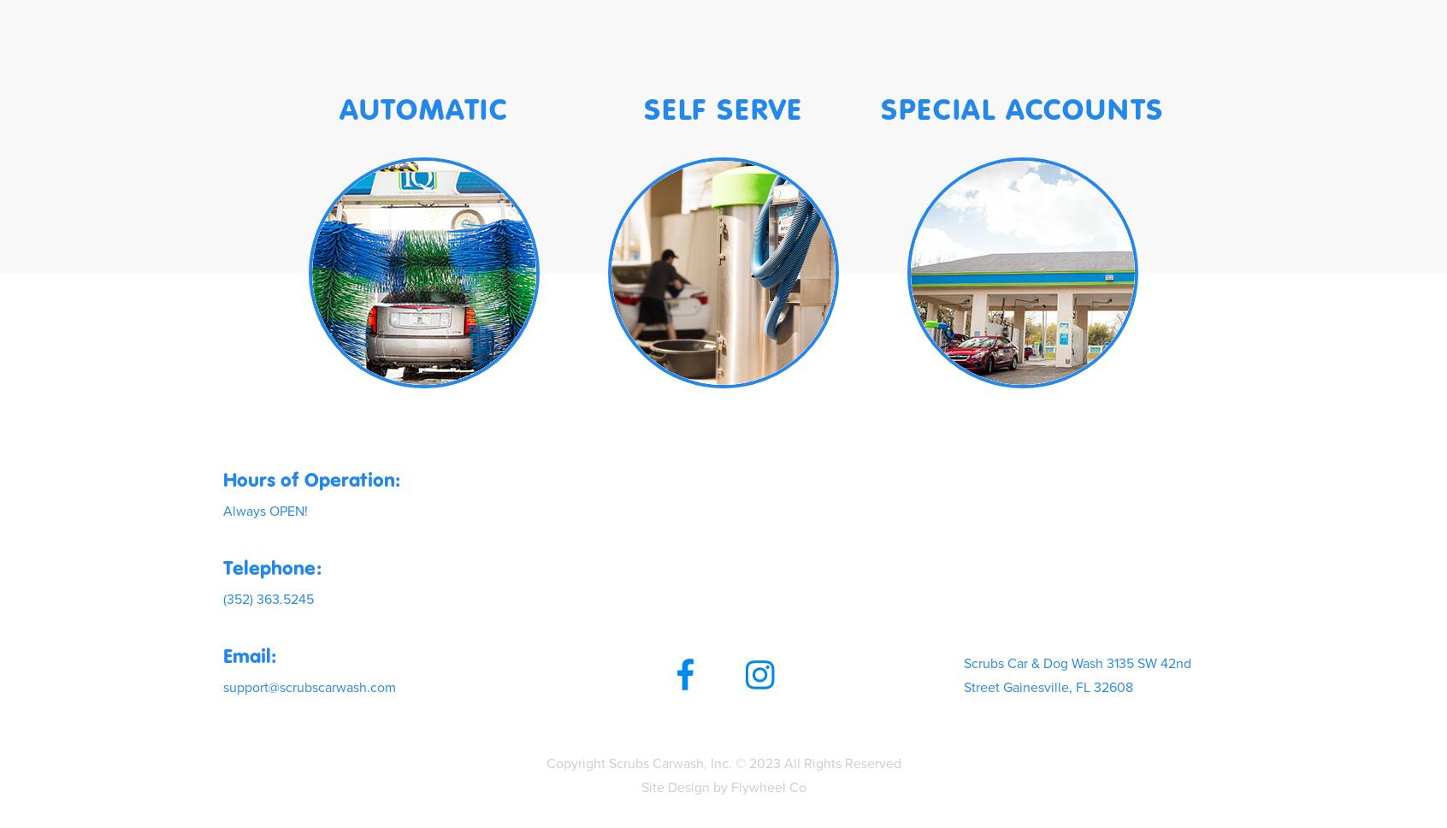  What do you see at coordinates (268, 597) in the screenshot?
I see `'(352) 363.5245'` at bounding box center [268, 597].